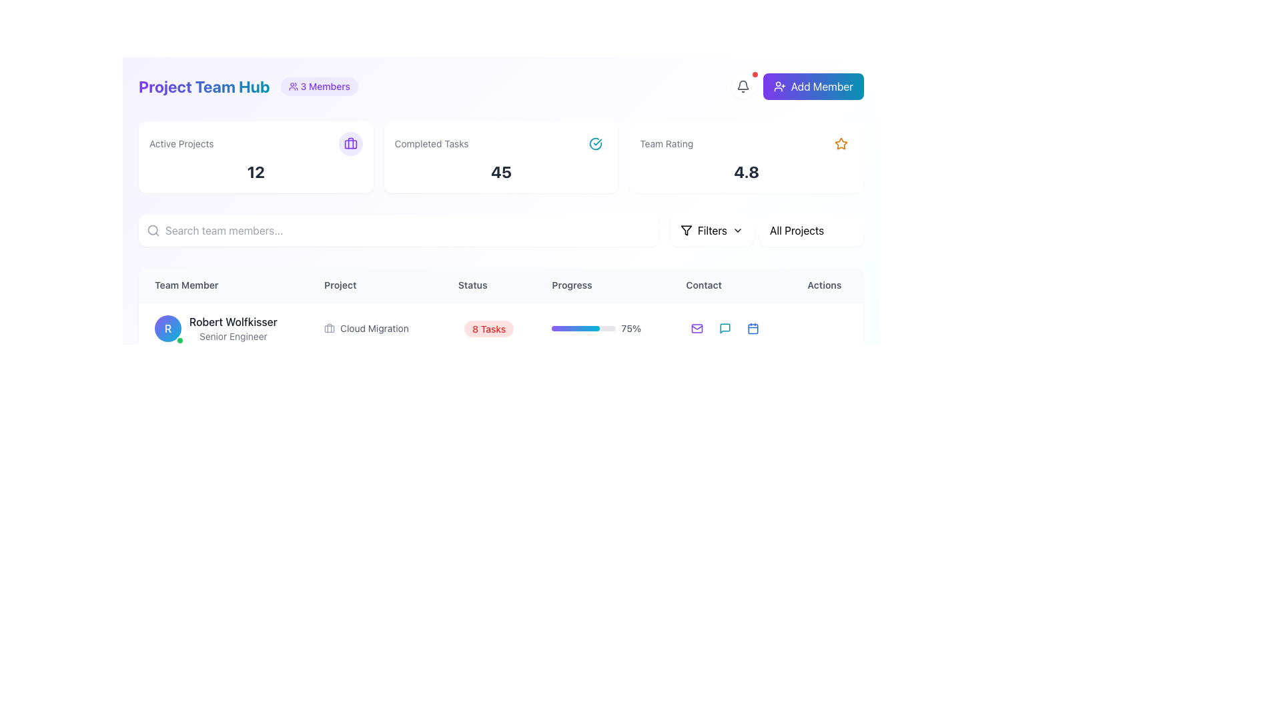 The width and height of the screenshot is (1281, 720). Describe the element at coordinates (584, 379) in the screenshot. I see `the horizontal progress bar indicating 60% completion for the 'Cloud Migration' project located in the 'Progress' column of the table` at that location.